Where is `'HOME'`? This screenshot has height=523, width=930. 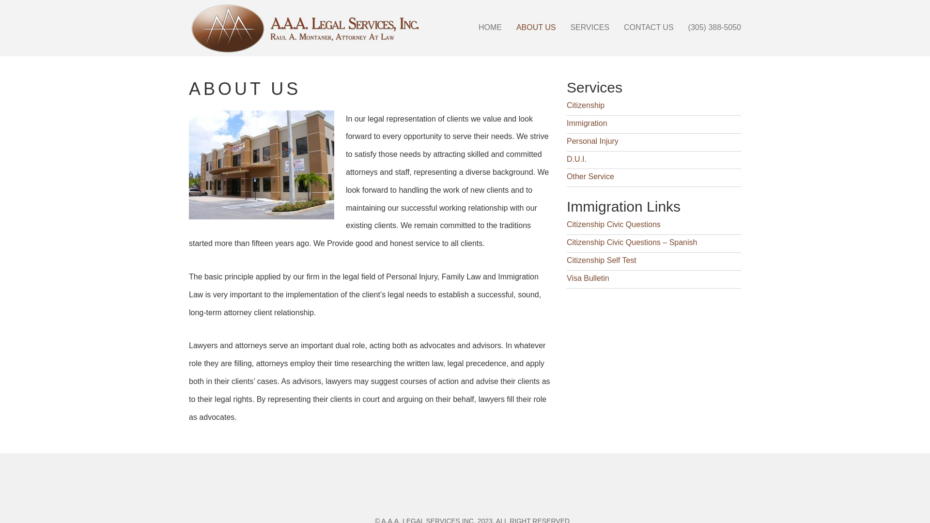 'HOME' is located at coordinates (471, 27).